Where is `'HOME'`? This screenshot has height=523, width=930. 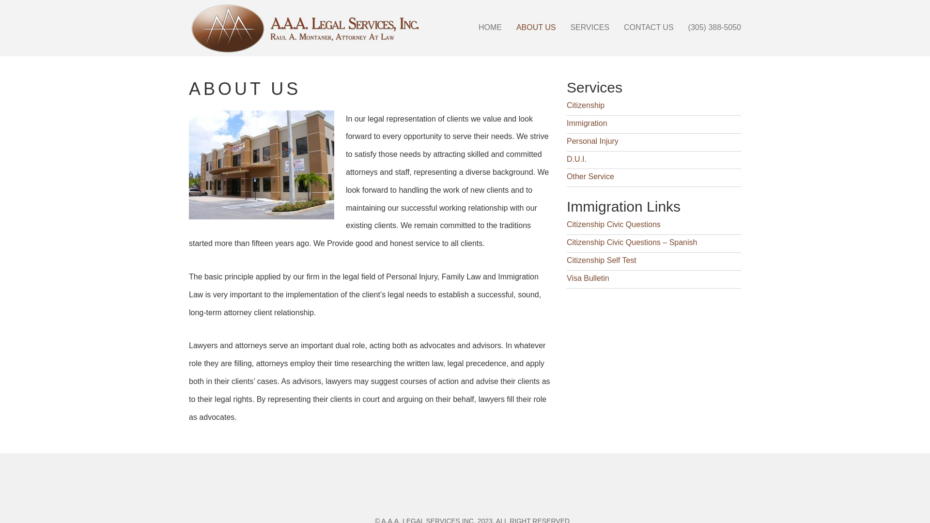 'HOME' is located at coordinates (471, 27).